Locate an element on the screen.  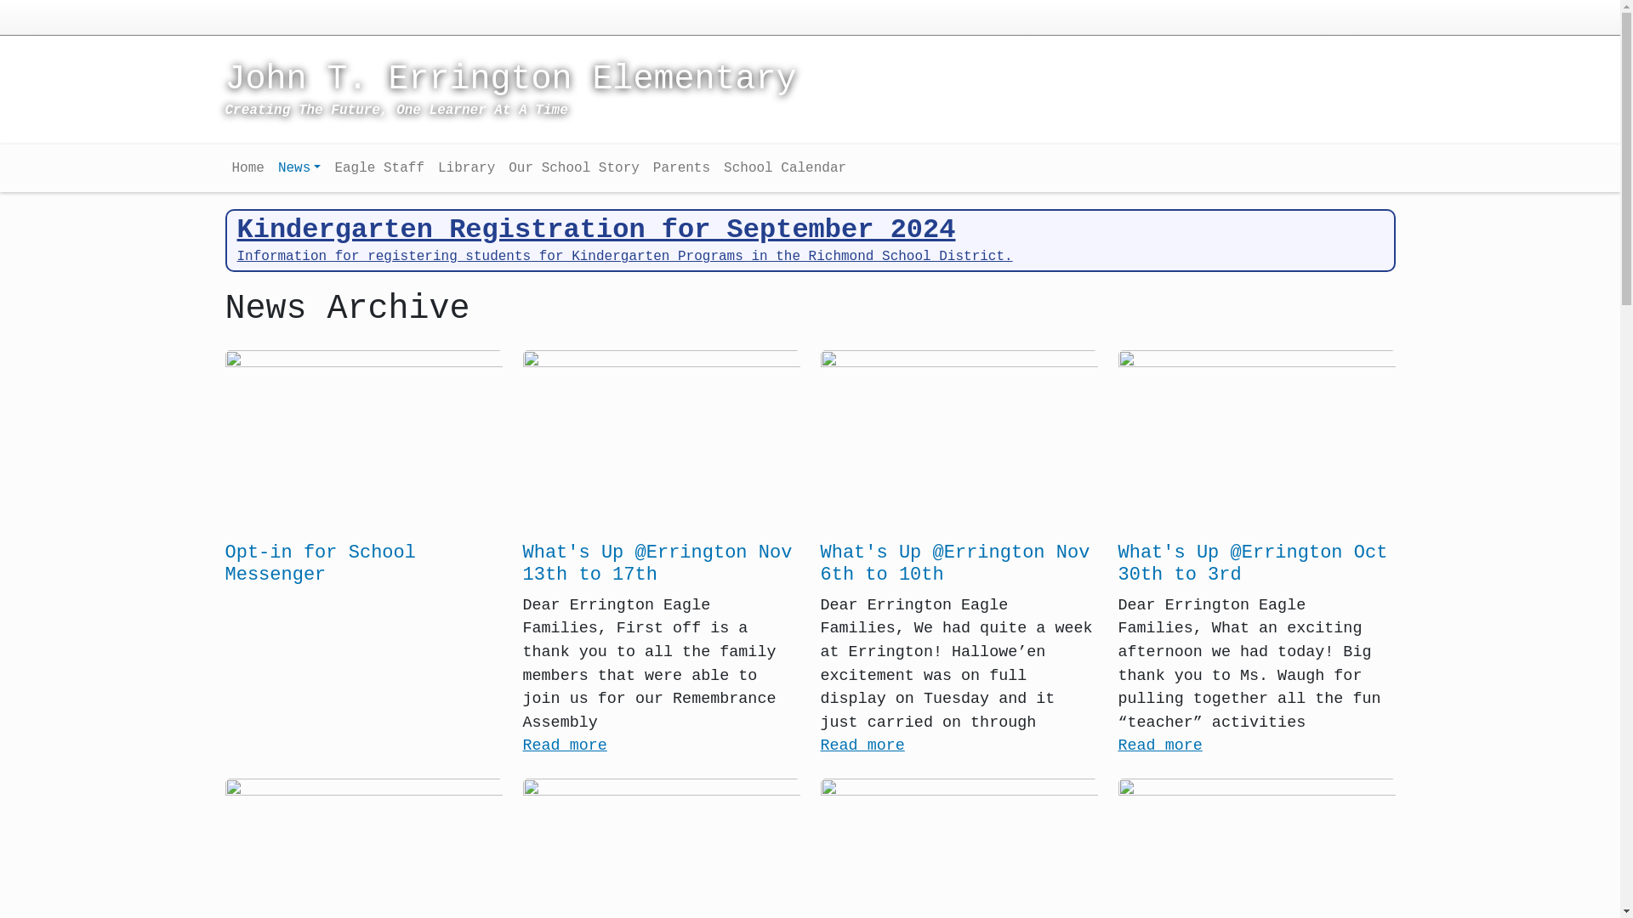
'Our School Story' is located at coordinates (574, 167).